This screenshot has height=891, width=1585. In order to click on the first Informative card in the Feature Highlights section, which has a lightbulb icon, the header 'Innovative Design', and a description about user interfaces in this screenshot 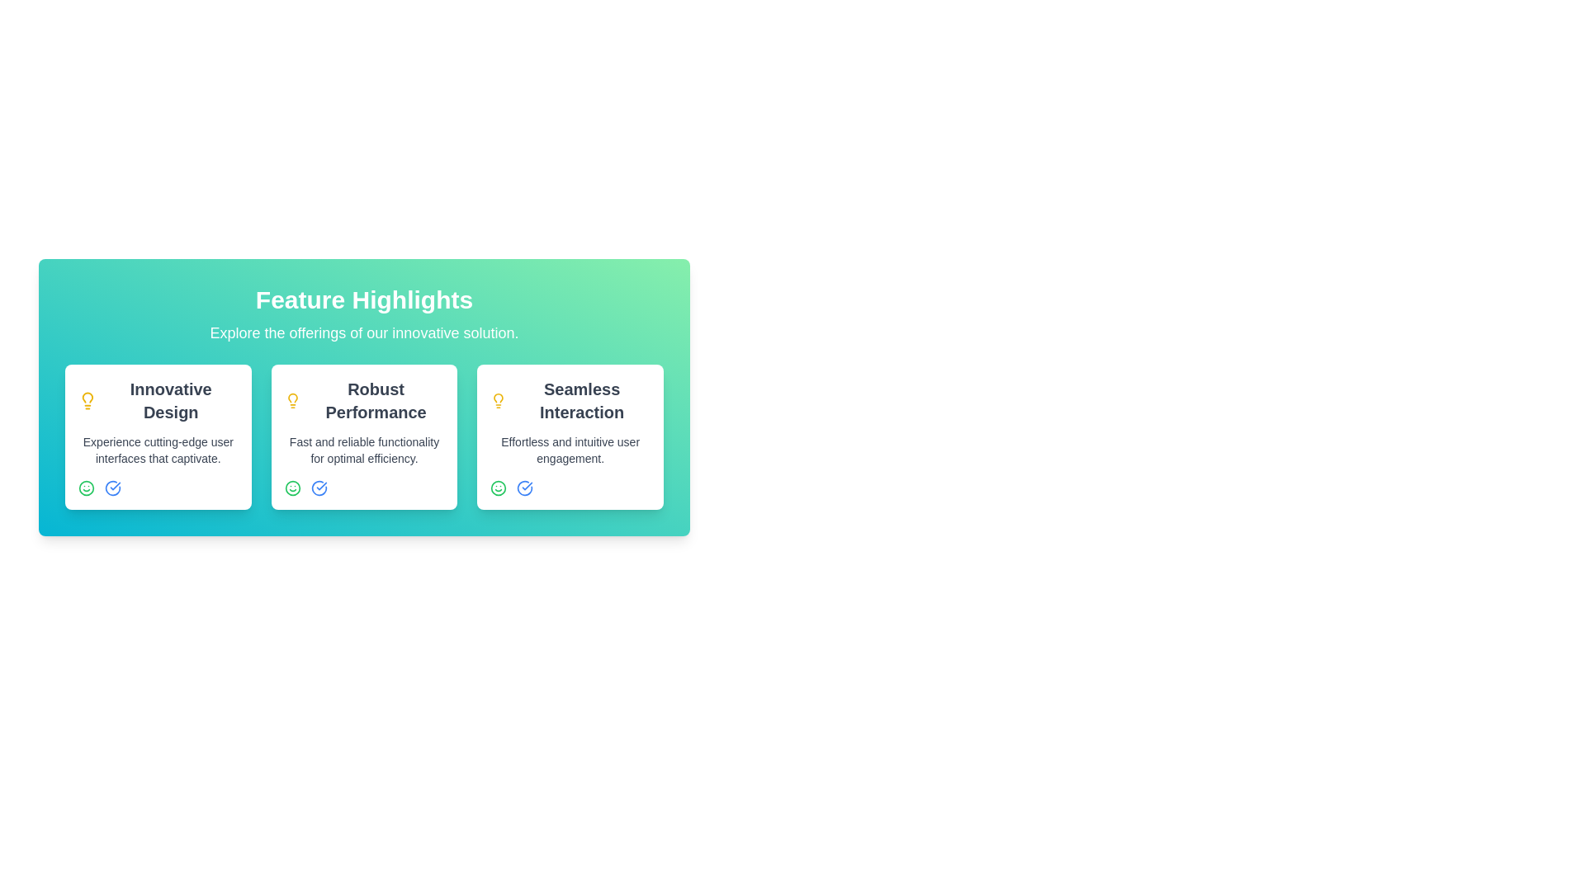, I will do `click(158, 436)`.